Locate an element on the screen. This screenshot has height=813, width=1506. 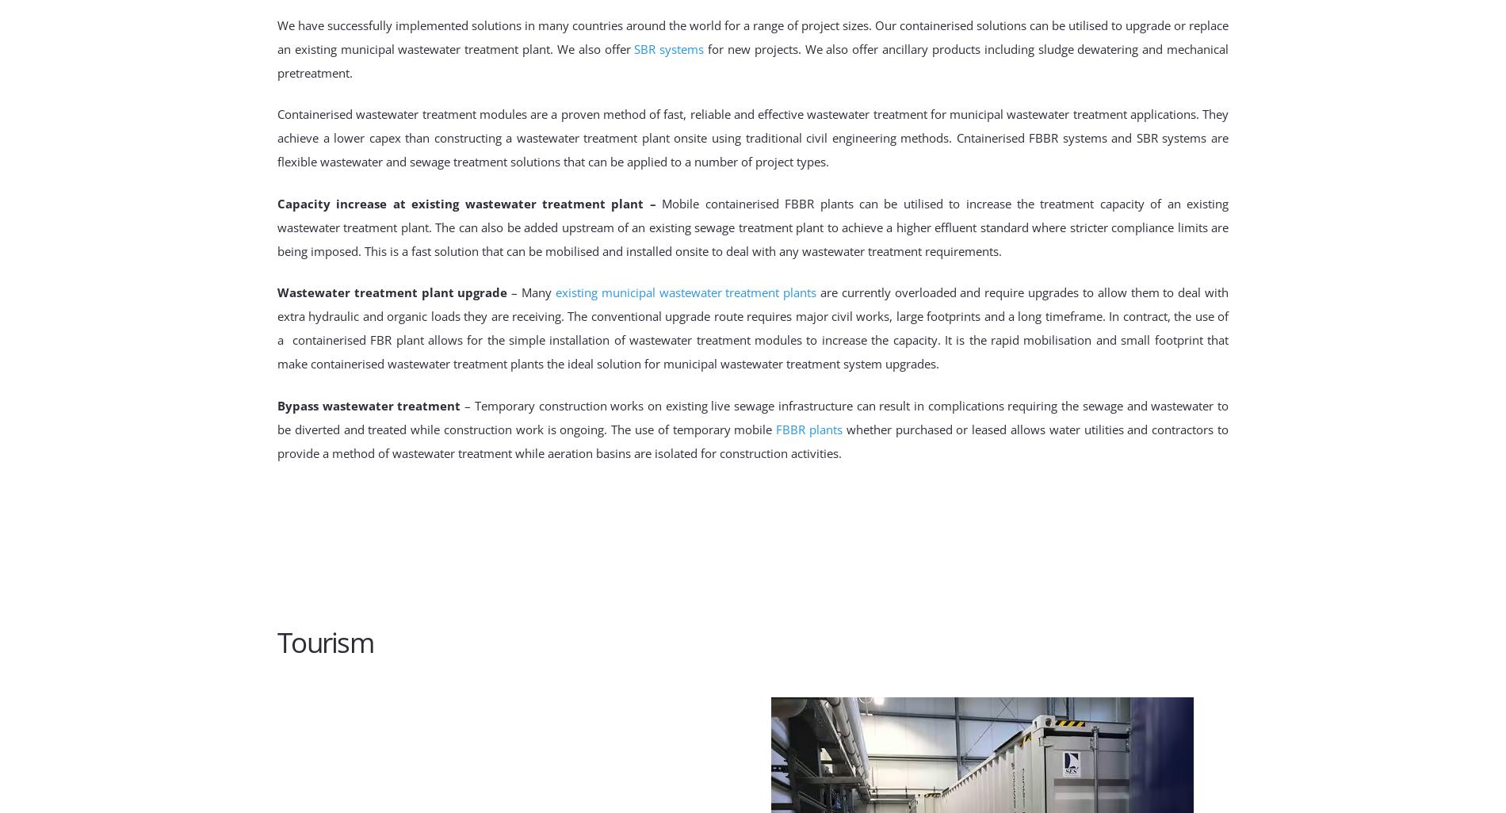
'Mobile containerised FBBR plants can be utilised to increase the treatment capacity of an existing wastewater treatment plant. The can also be added upstream of an existing sewage treatment plant to achieve a higher effluent standard where stricter compliance limits are being imposed. This is a fast solution that can be mobilised and installed onsite to deal with any wastewater treatment requirements.' is located at coordinates (753, 226).